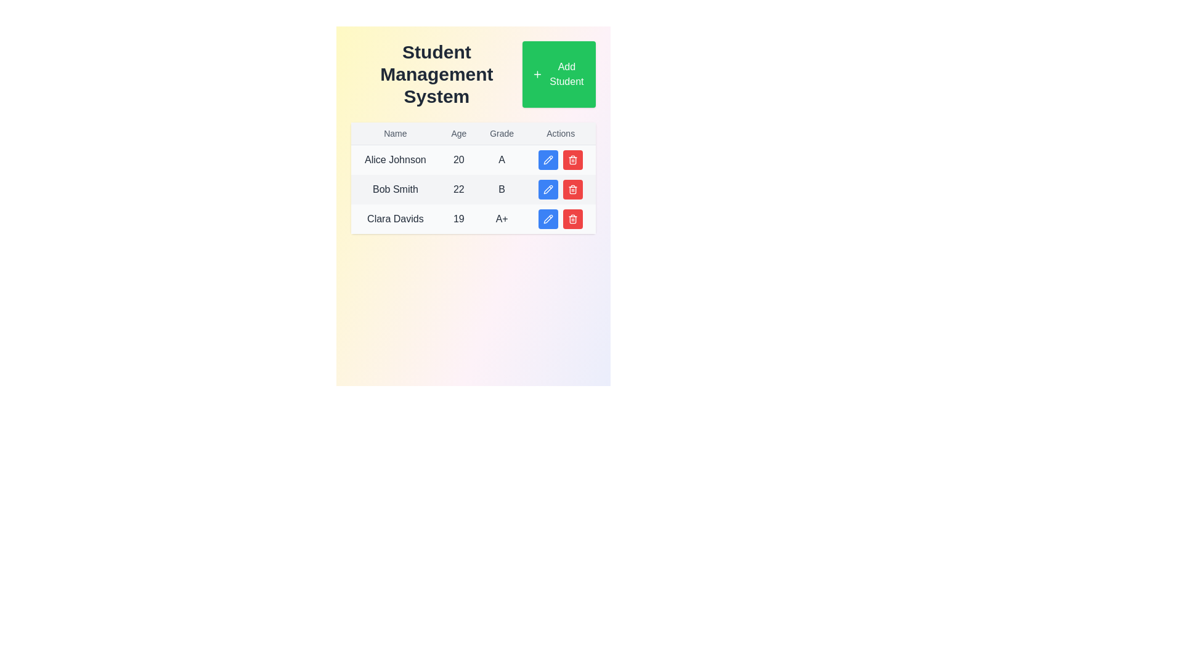 The height and width of the screenshot is (665, 1183). I want to click on the small square blue button with a white pencil icon in the fourth column of the first row under the 'Actions' column, so click(548, 159).